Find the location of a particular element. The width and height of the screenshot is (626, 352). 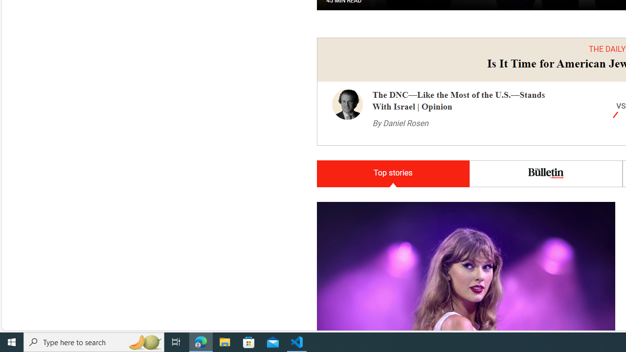

'File Explorer' is located at coordinates (224, 341).